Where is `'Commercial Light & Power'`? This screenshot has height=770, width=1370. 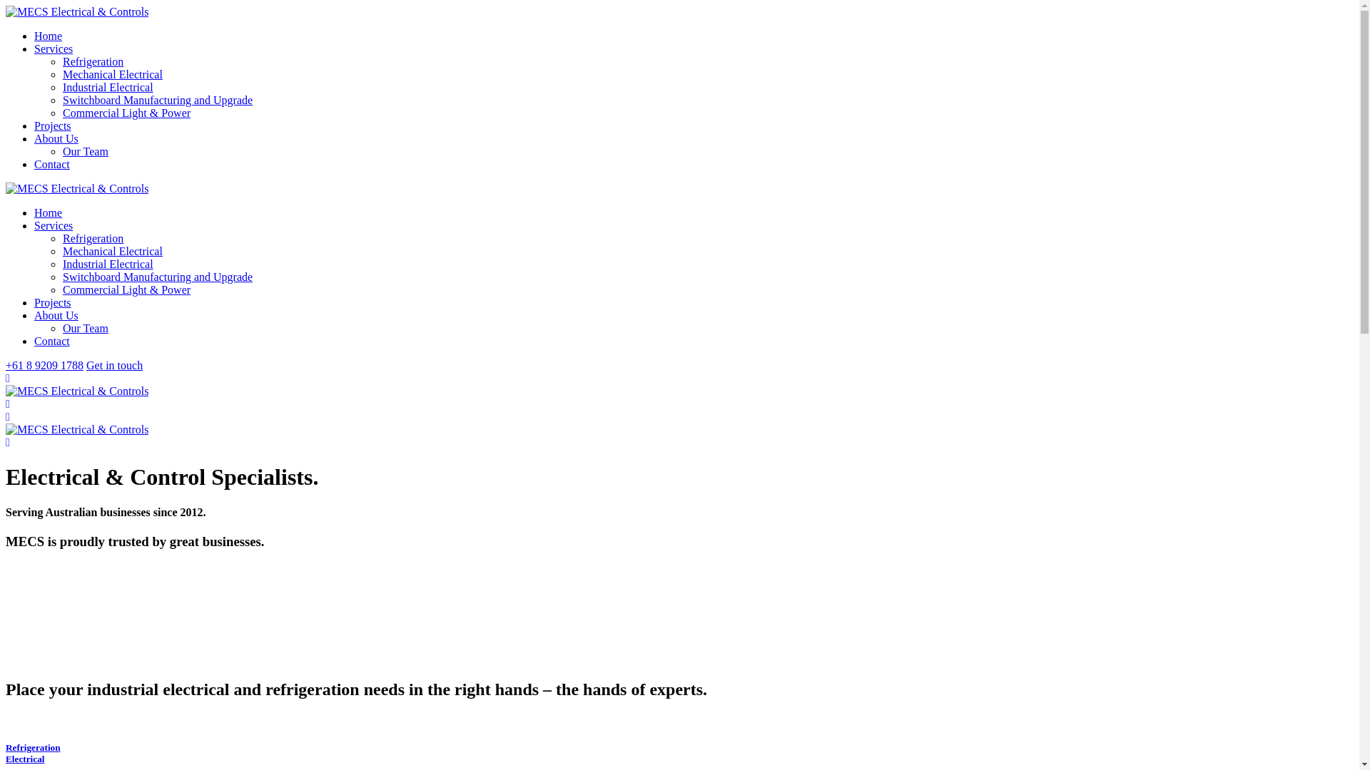
'Commercial Light & Power' is located at coordinates (61, 112).